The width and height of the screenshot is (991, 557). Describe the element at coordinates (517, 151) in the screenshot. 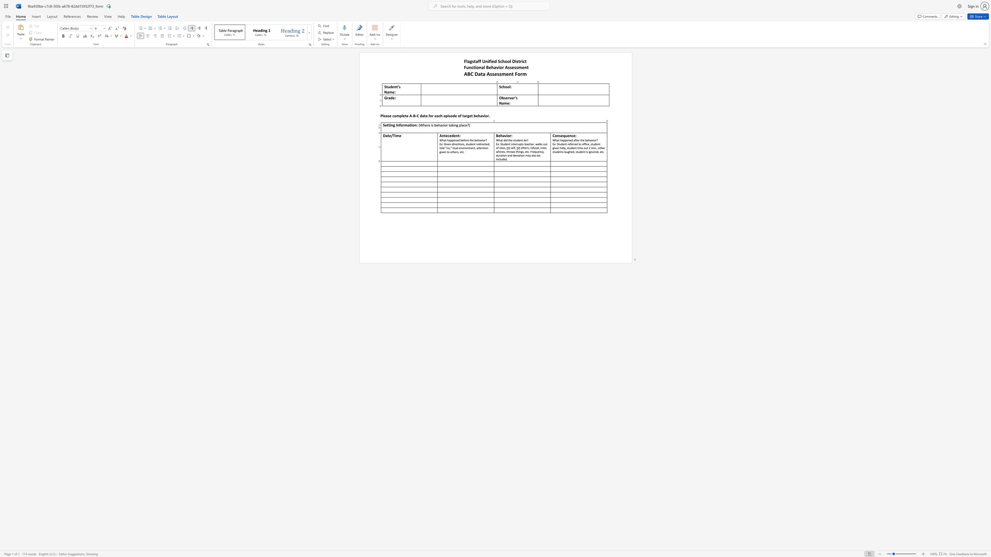

I see `the 2th character "h" in the text` at that location.